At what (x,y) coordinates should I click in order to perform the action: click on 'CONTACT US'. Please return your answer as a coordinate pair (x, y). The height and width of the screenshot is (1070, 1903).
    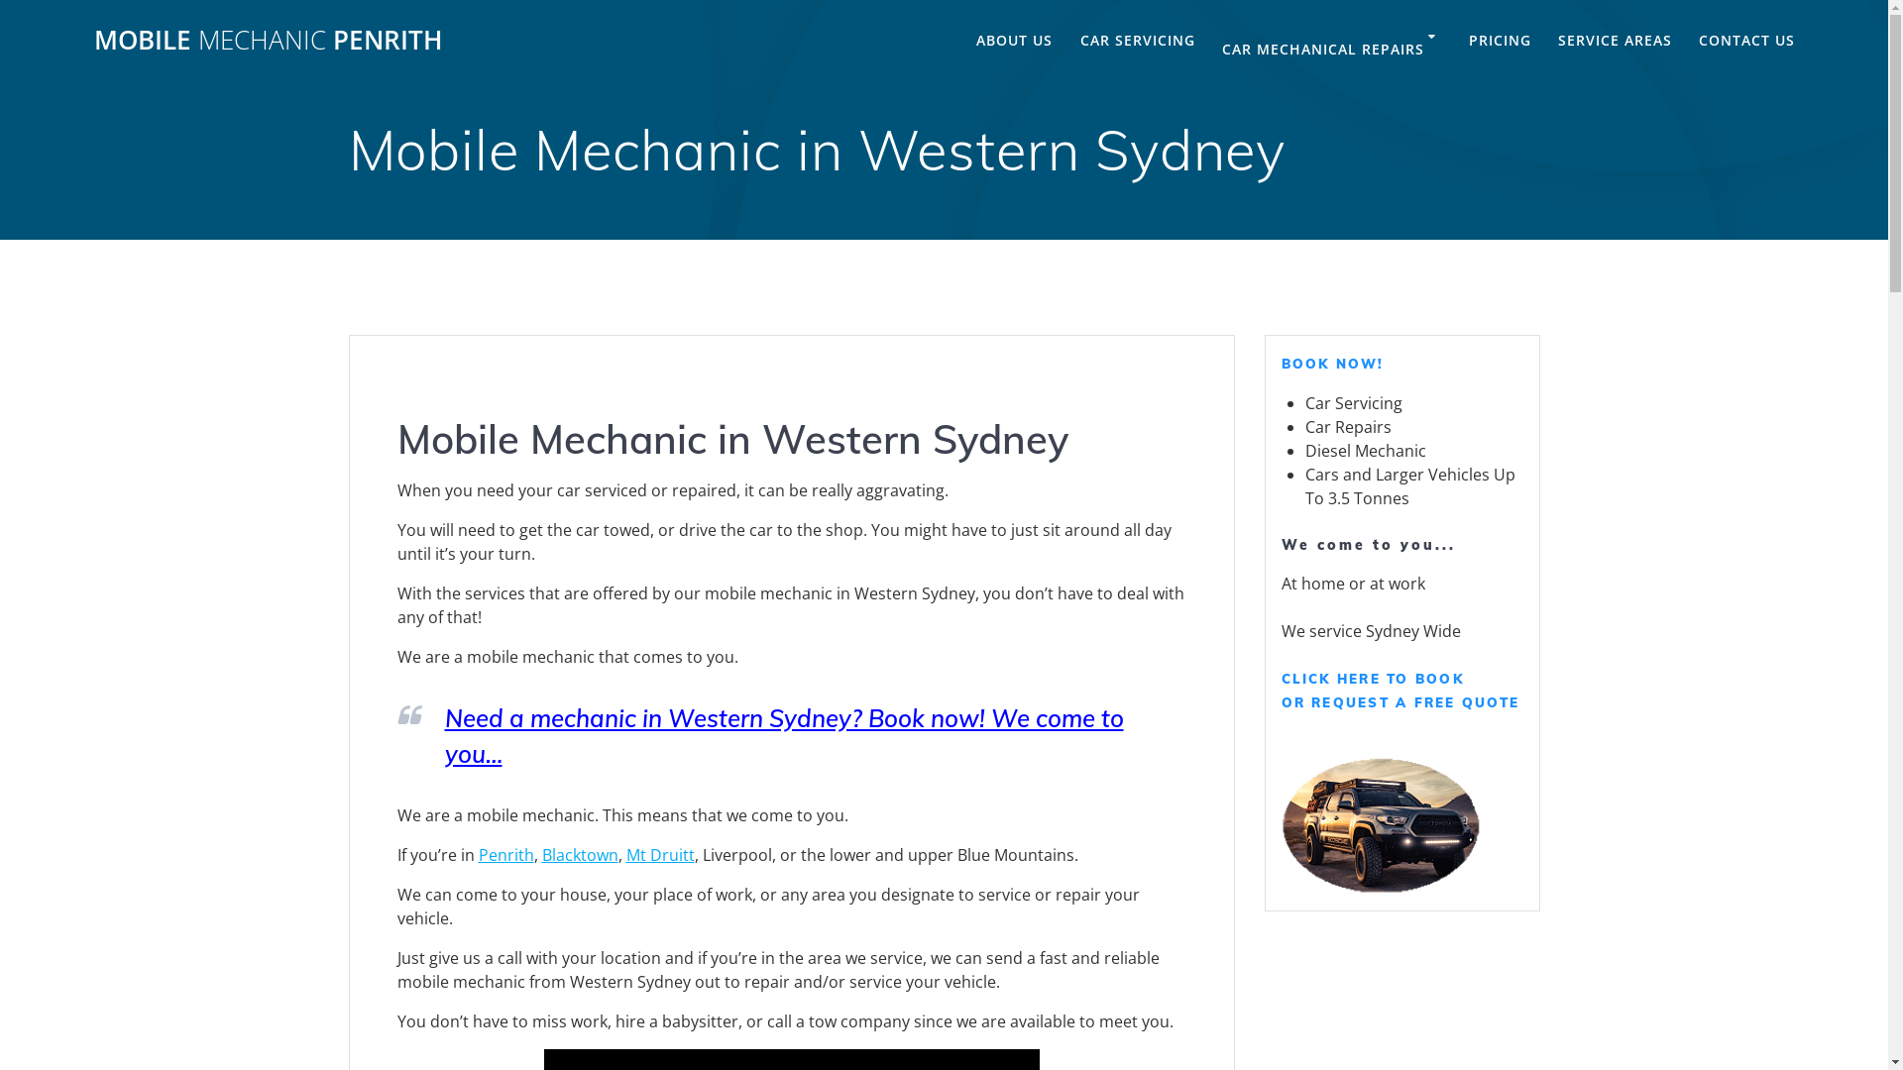
    Looking at the image, I should click on (1746, 41).